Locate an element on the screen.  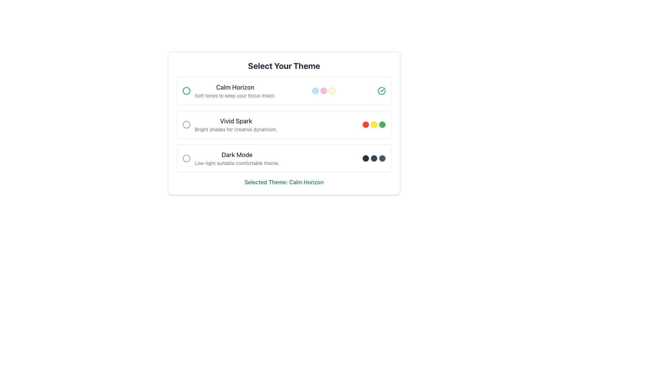
the 'Vivid Spark' text label in the 'Select Your Theme' section is located at coordinates (236, 125).